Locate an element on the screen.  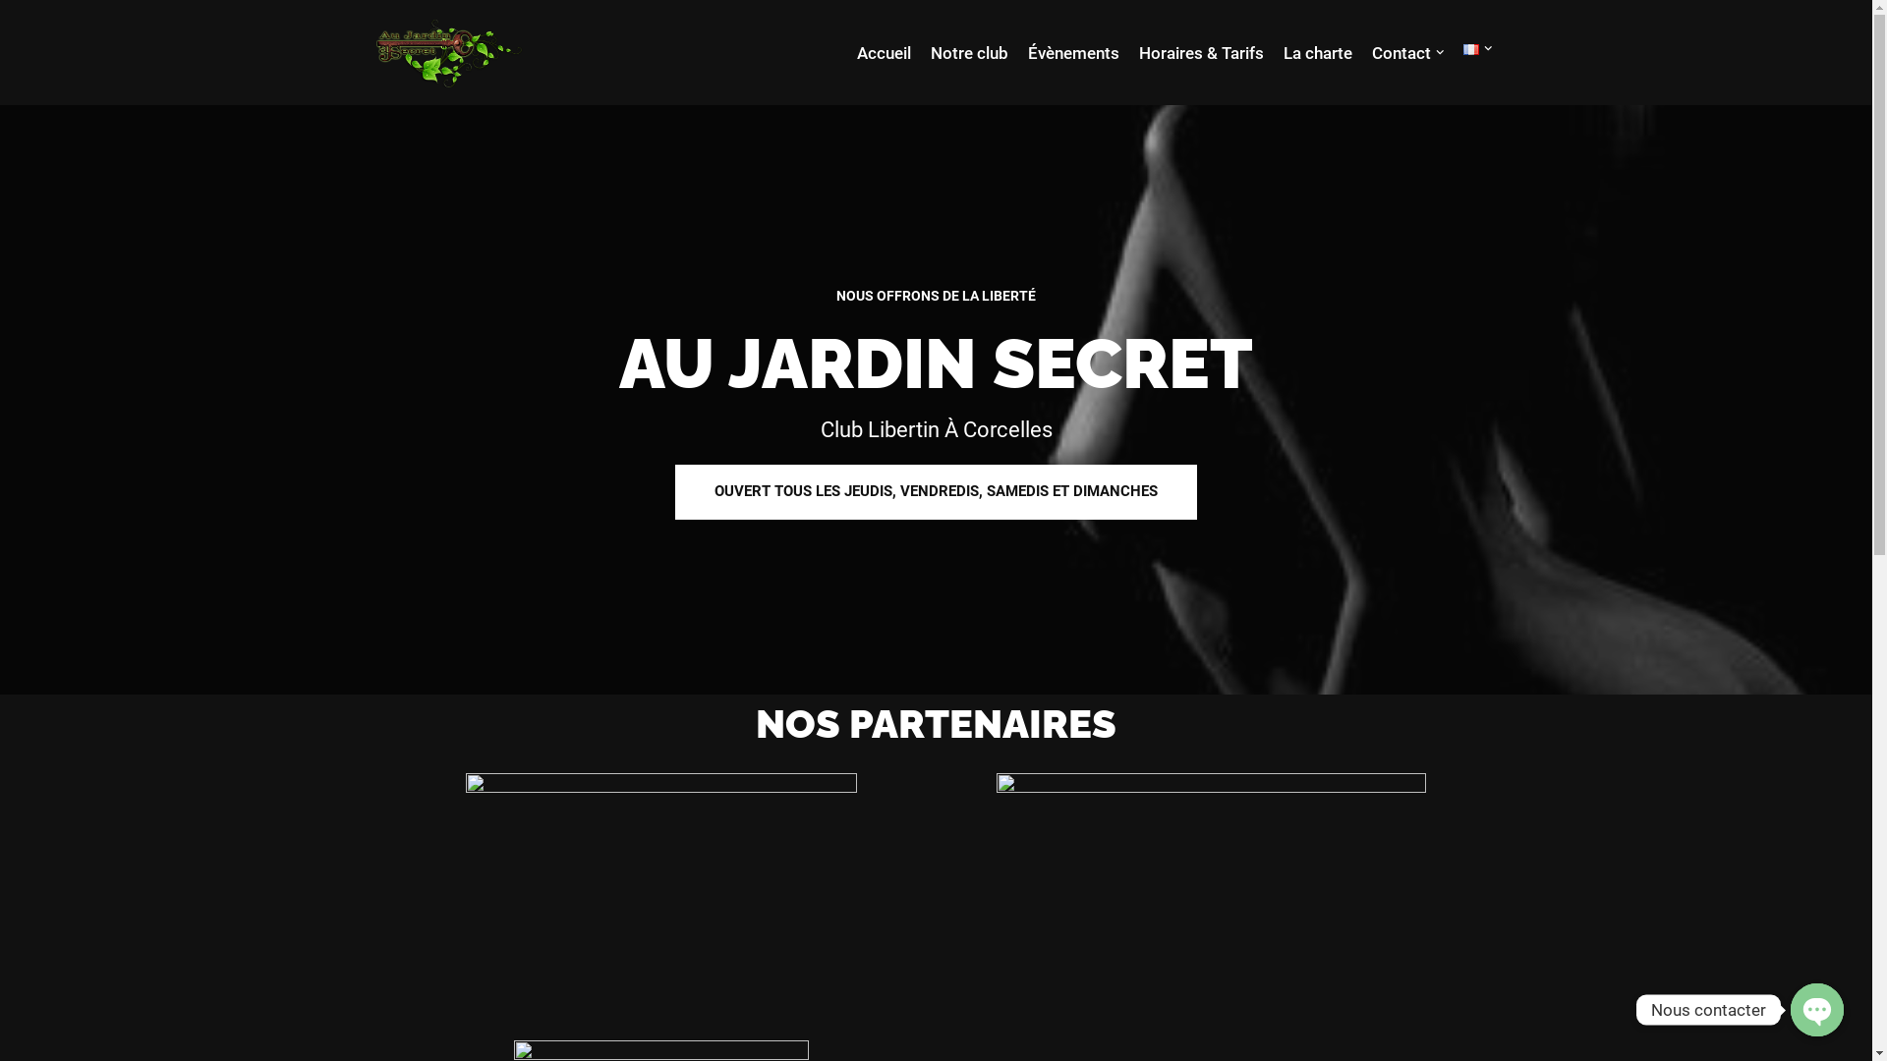
'Contact' is located at coordinates (1371, 52).